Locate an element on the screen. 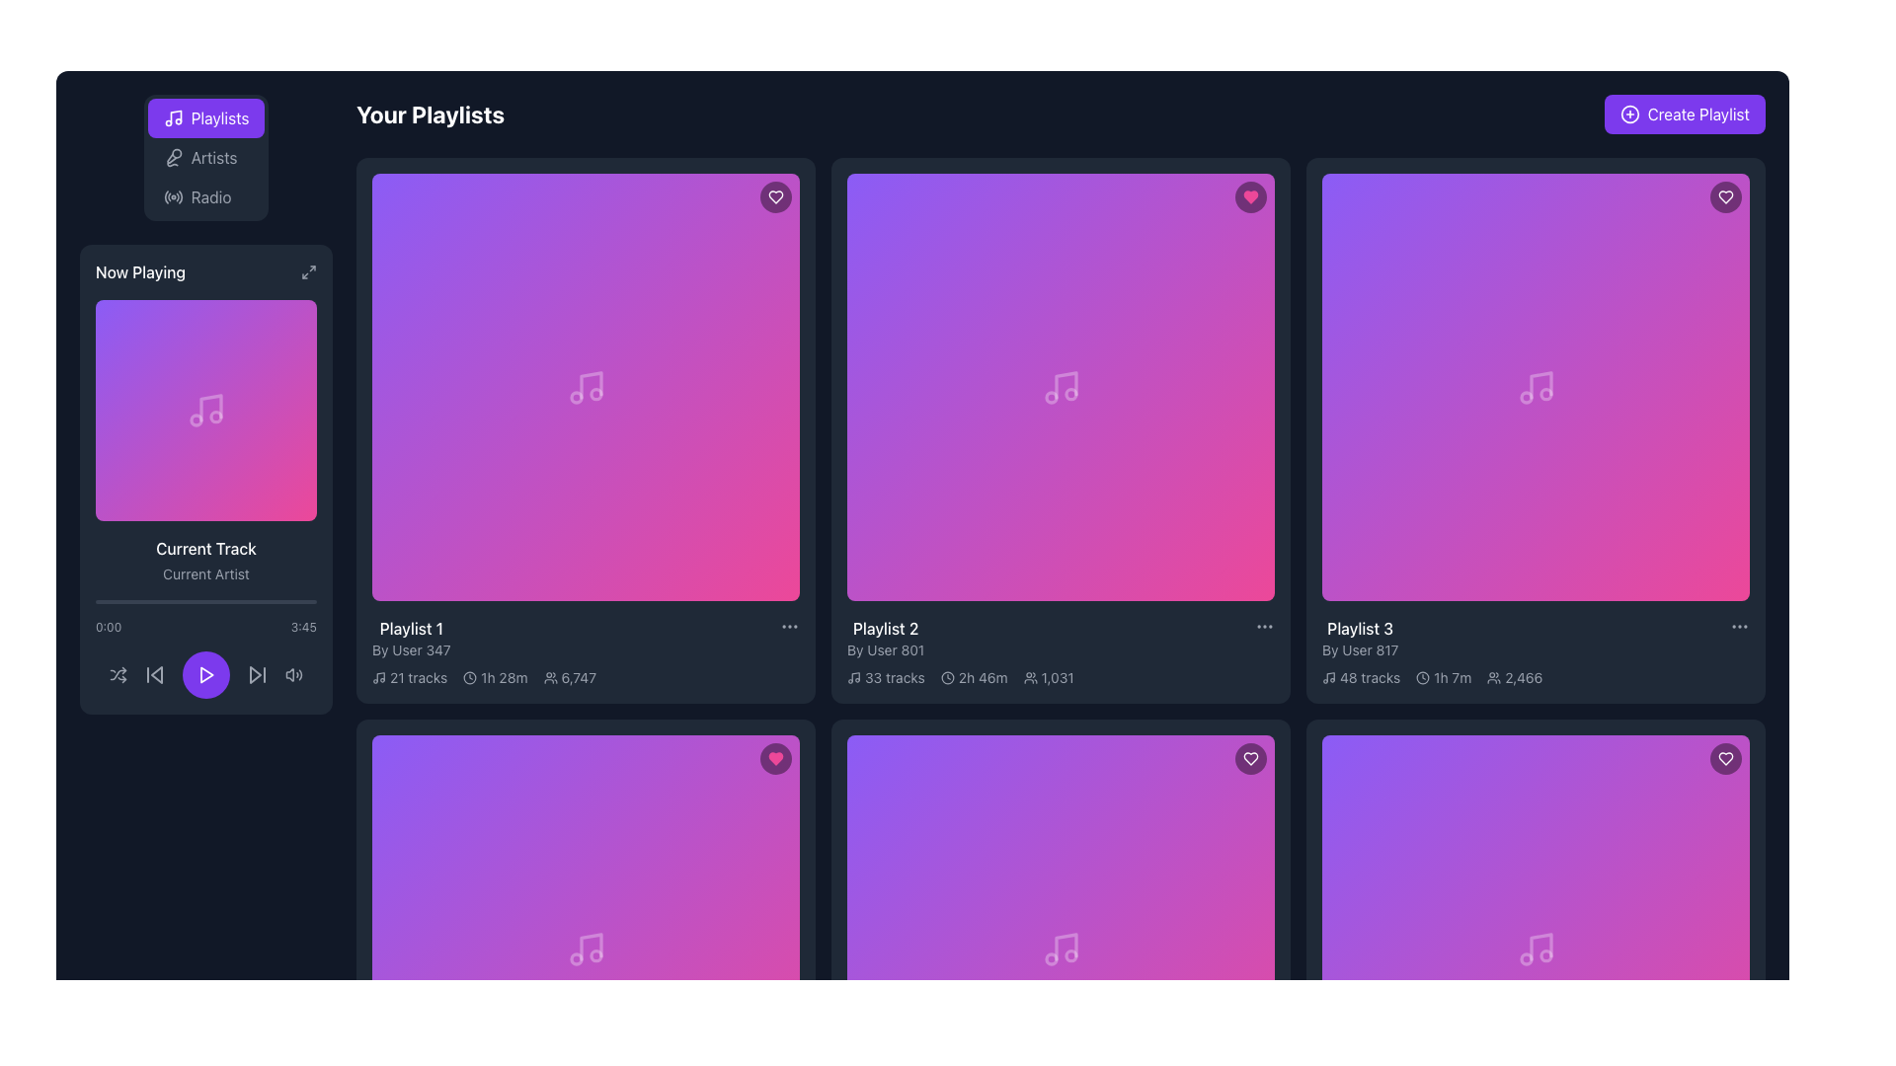 The width and height of the screenshot is (1896, 1066). the text label displaying the numeric value '6,747' which is located to the right of the user icon in the metadata section of 'Playlist 1' is located at coordinates (578, 676).